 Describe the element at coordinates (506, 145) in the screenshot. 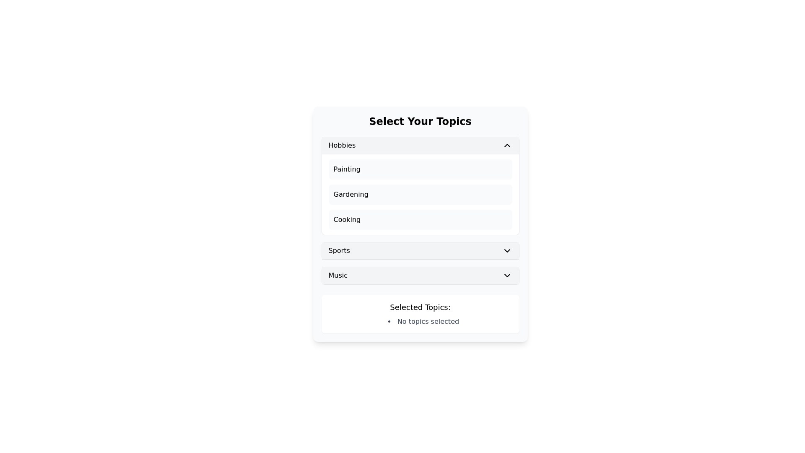

I see `the upward-facing chevron icon` at that location.